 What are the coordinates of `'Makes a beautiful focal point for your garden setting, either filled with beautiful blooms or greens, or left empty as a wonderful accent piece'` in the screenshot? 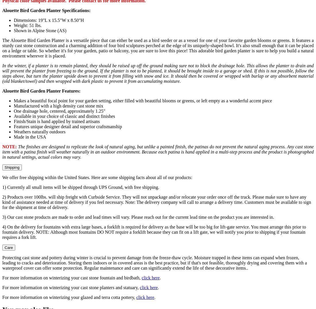 It's located at (142, 101).